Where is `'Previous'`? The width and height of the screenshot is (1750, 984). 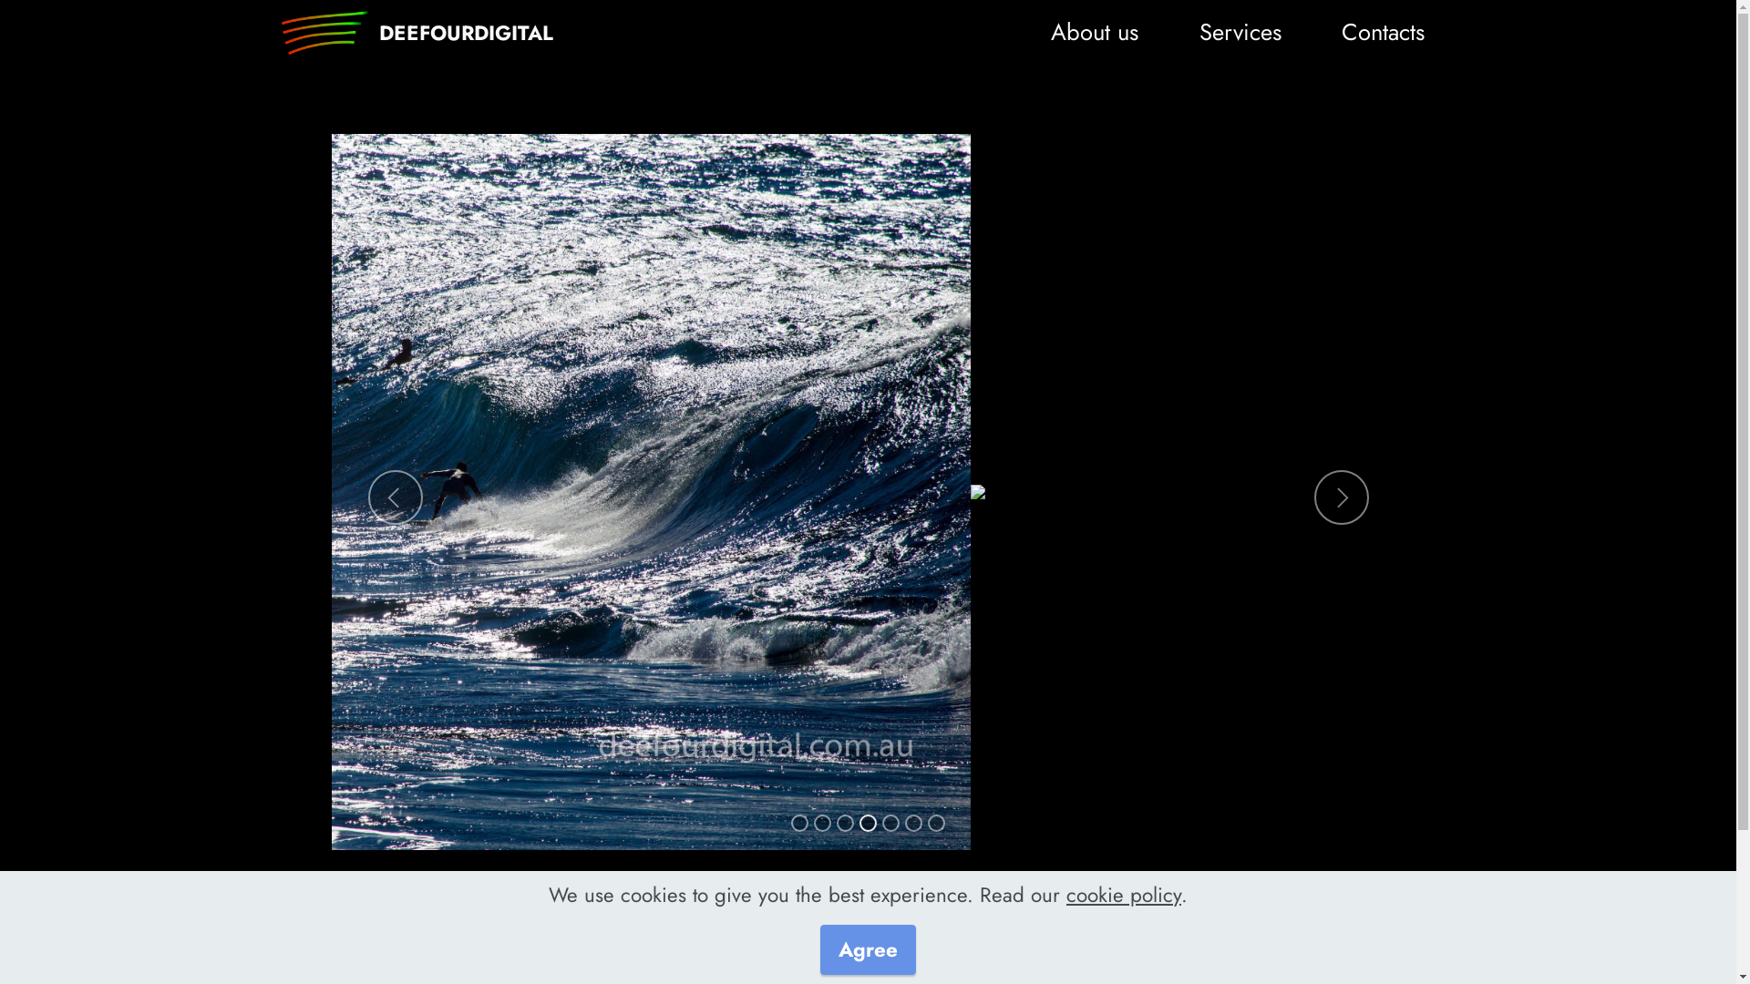 'Previous' is located at coordinates (394, 497).